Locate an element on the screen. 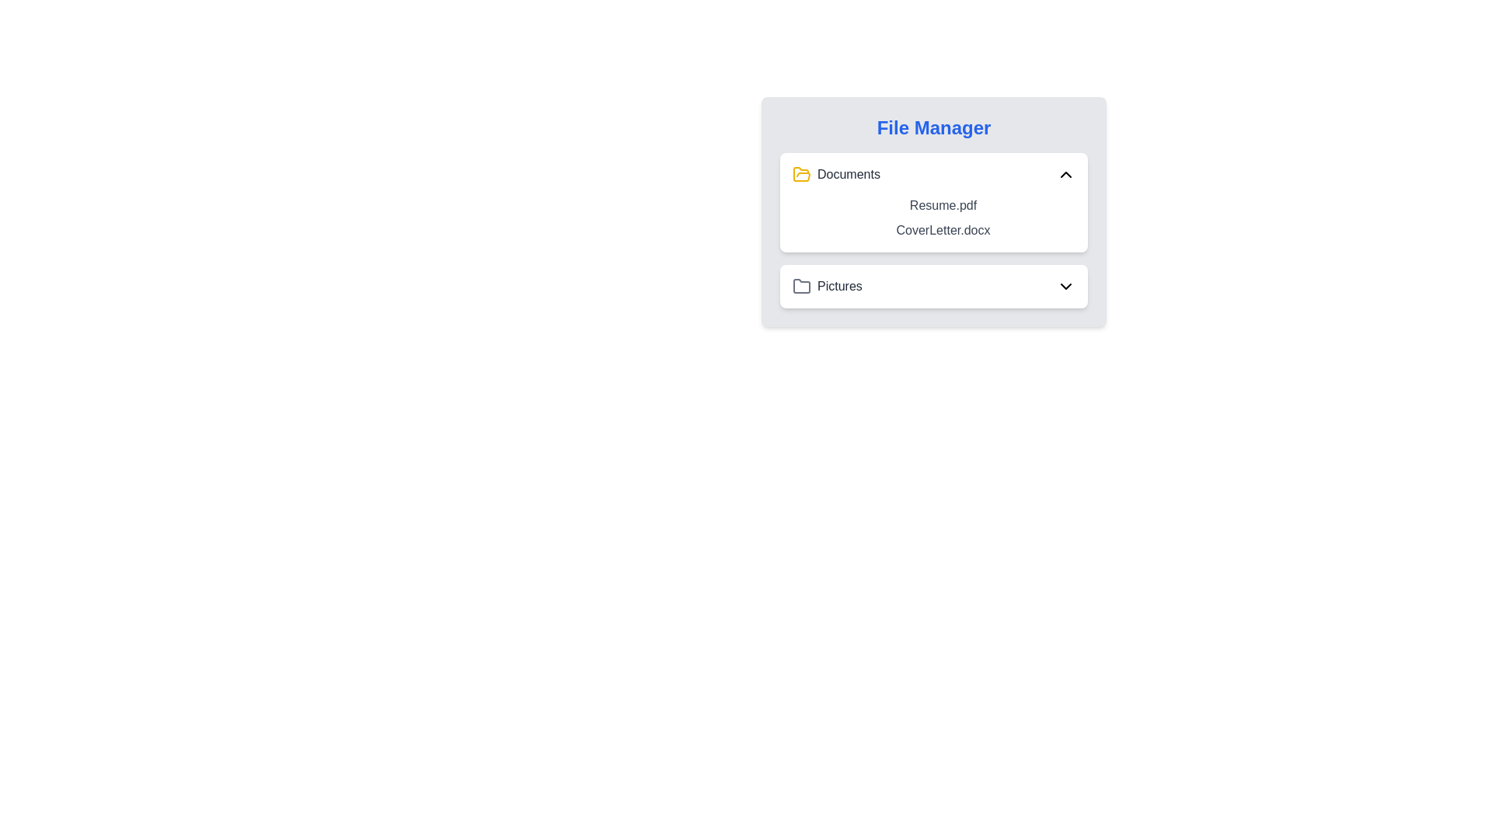  the text label displaying the filename 'CoverLetter.docx' is located at coordinates (943, 231).